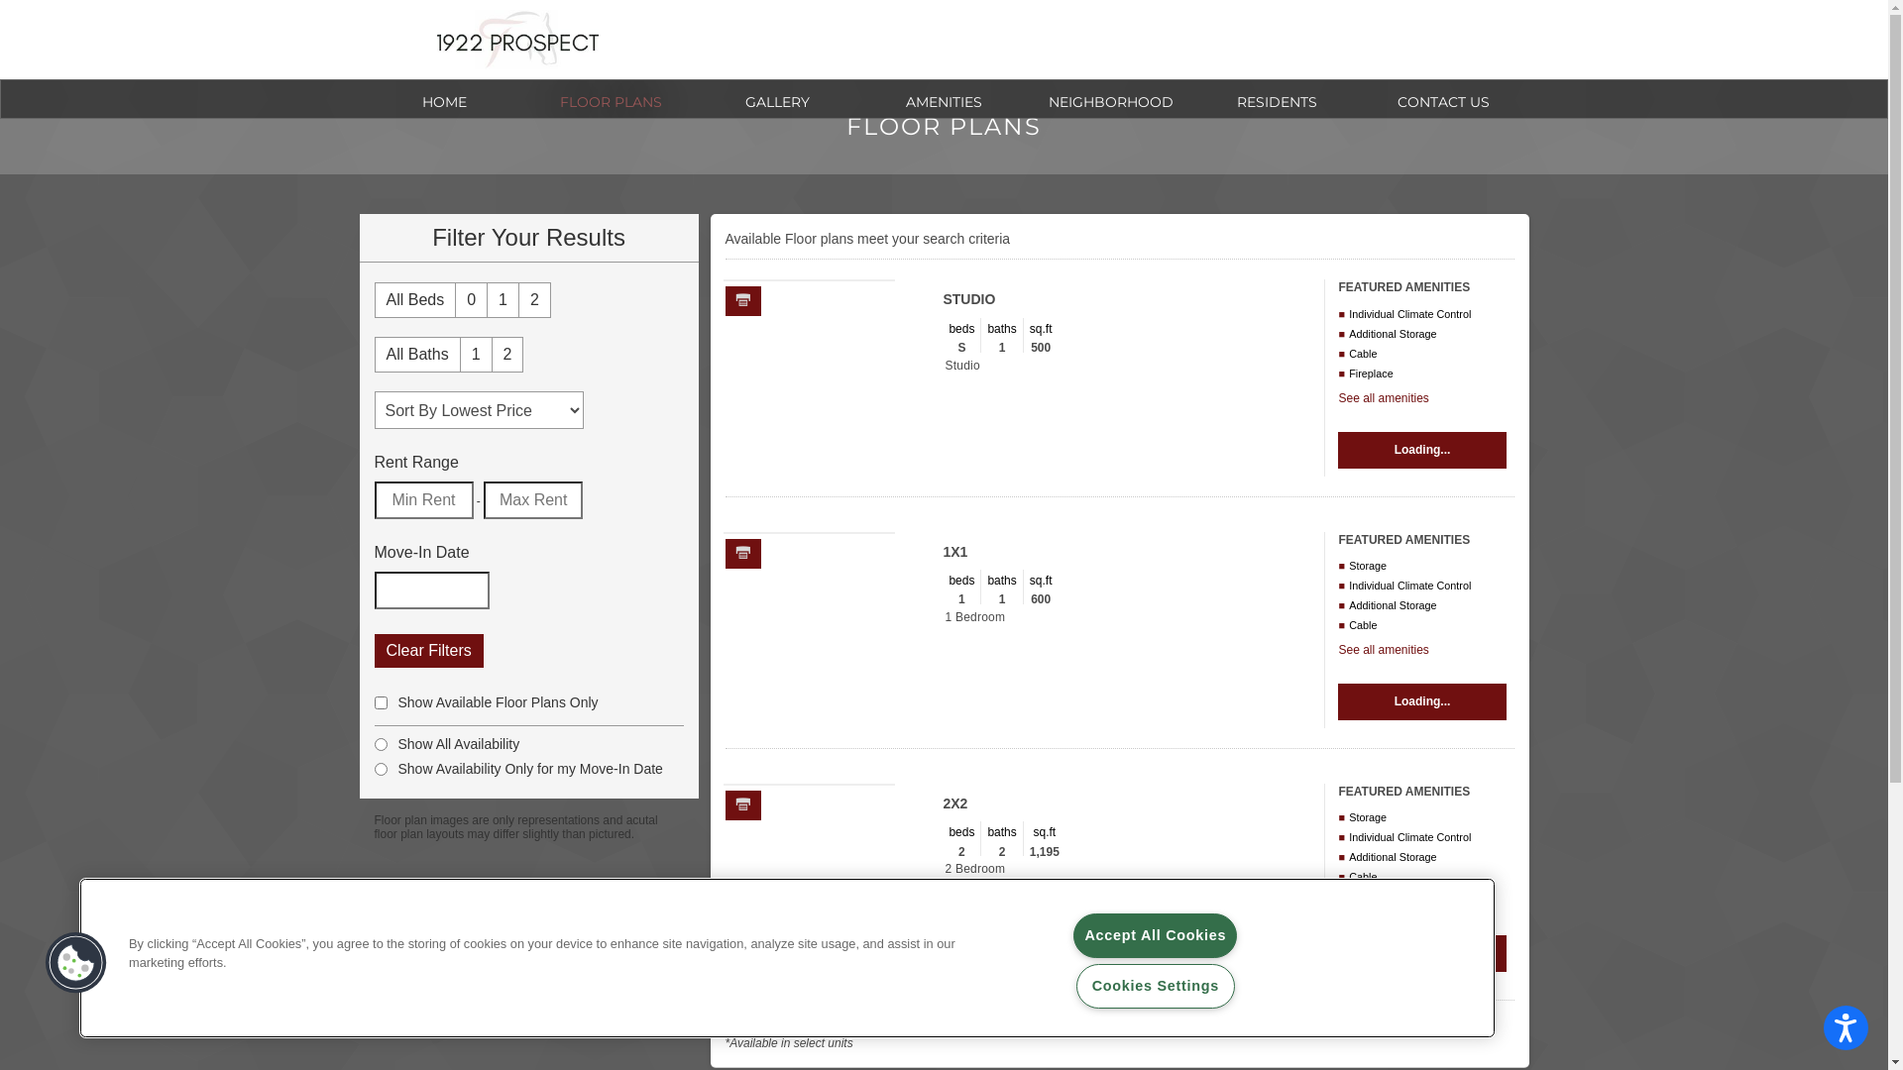  I want to click on 'NEIGHBORHOOD', so click(1108, 99).